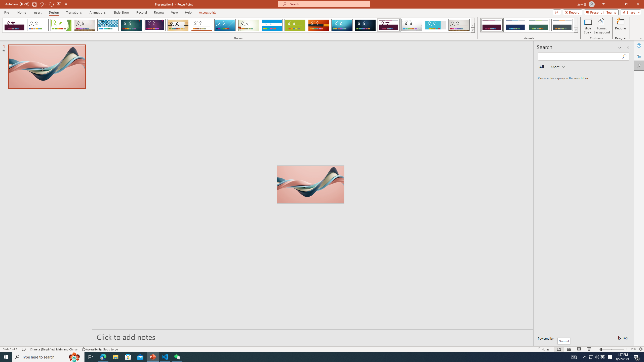 This screenshot has width=644, height=362. Describe the element at coordinates (225, 25) in the screenshot. I see `'Slice'` at that location.